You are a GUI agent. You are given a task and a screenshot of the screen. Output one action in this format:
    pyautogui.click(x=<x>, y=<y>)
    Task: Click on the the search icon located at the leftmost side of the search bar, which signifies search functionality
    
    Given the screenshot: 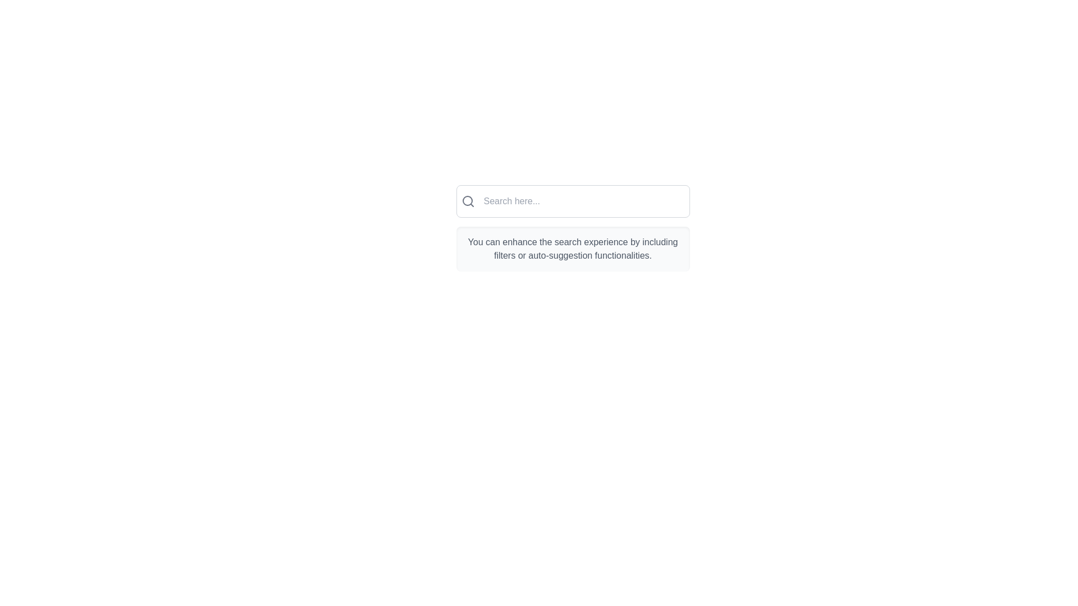 What is the action you would take?
    pyautogui.click(x=468, y=200)
    